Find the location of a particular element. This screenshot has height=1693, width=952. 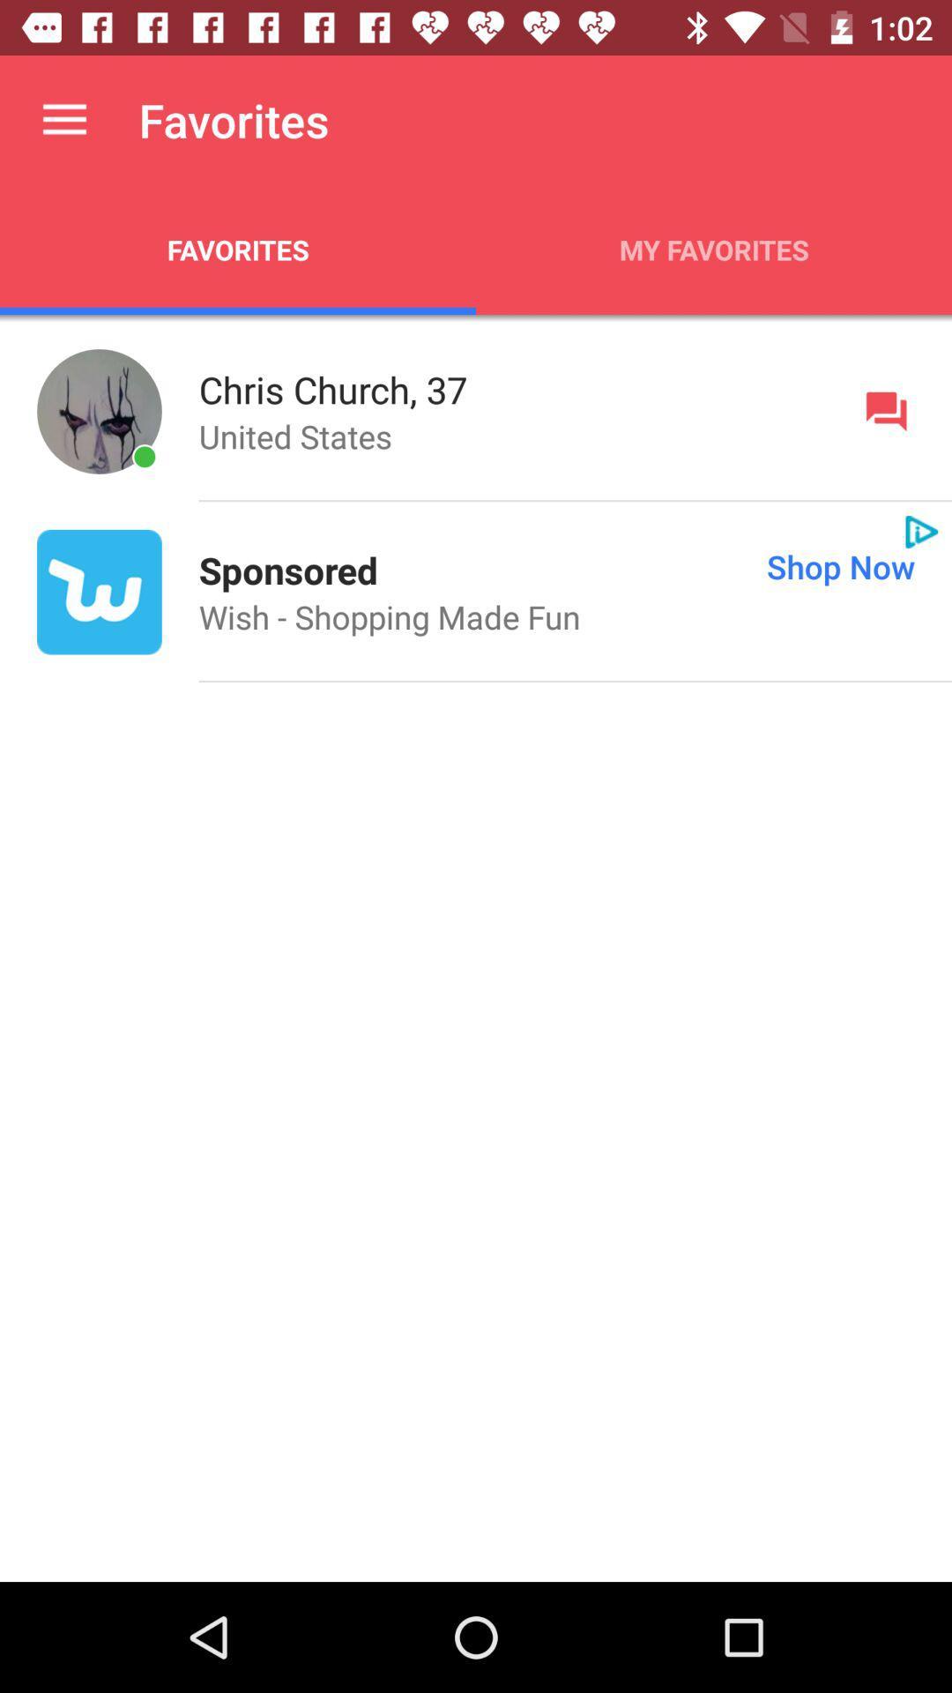

the item next to the favorites item is located at coordinates (714, 249).